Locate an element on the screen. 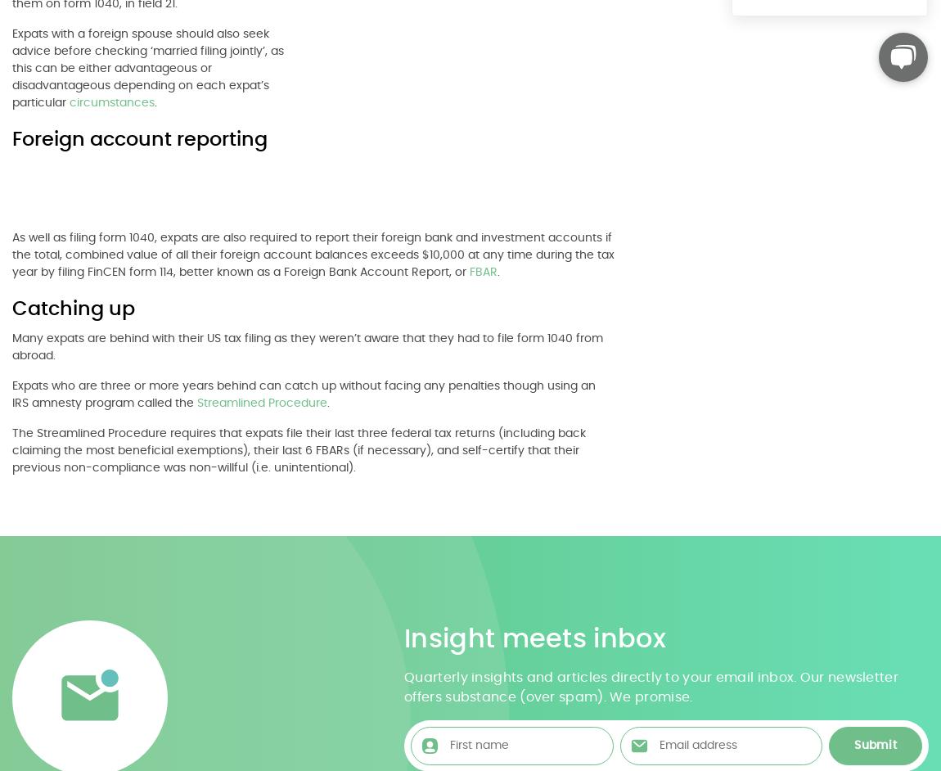 The width and height of the screenshot is (941, 771). 'FBAR' is located at coordinates (482, 271).